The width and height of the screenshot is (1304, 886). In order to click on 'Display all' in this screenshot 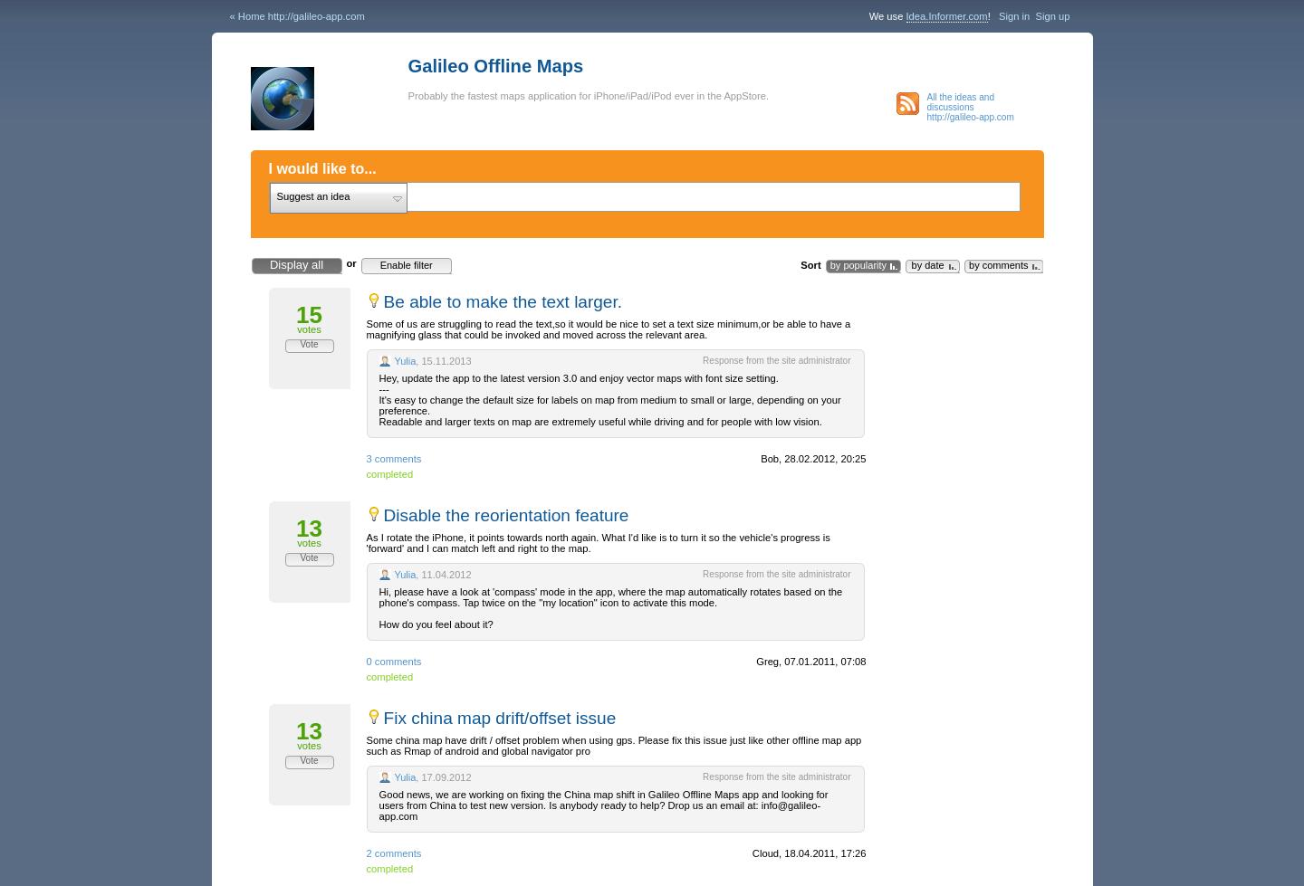, I will do `click(296, 264)`.